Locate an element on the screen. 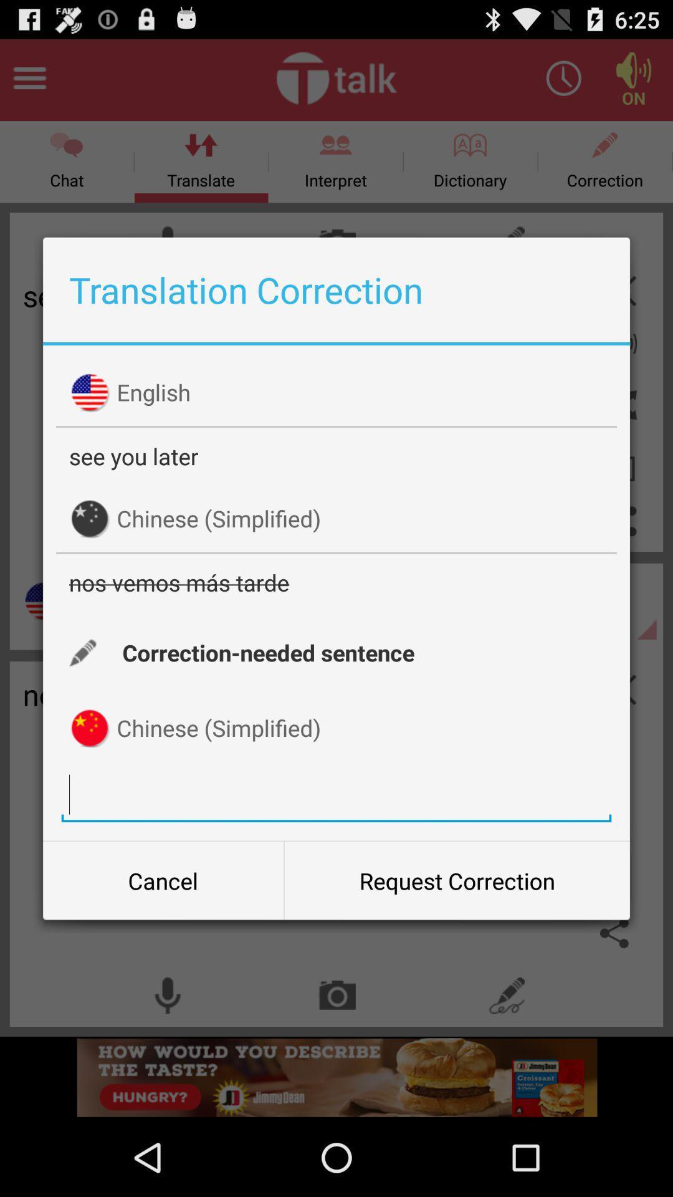 This screenshot has height=1197, width=673. button next to request correction icon is located at coordinates (163, 880).